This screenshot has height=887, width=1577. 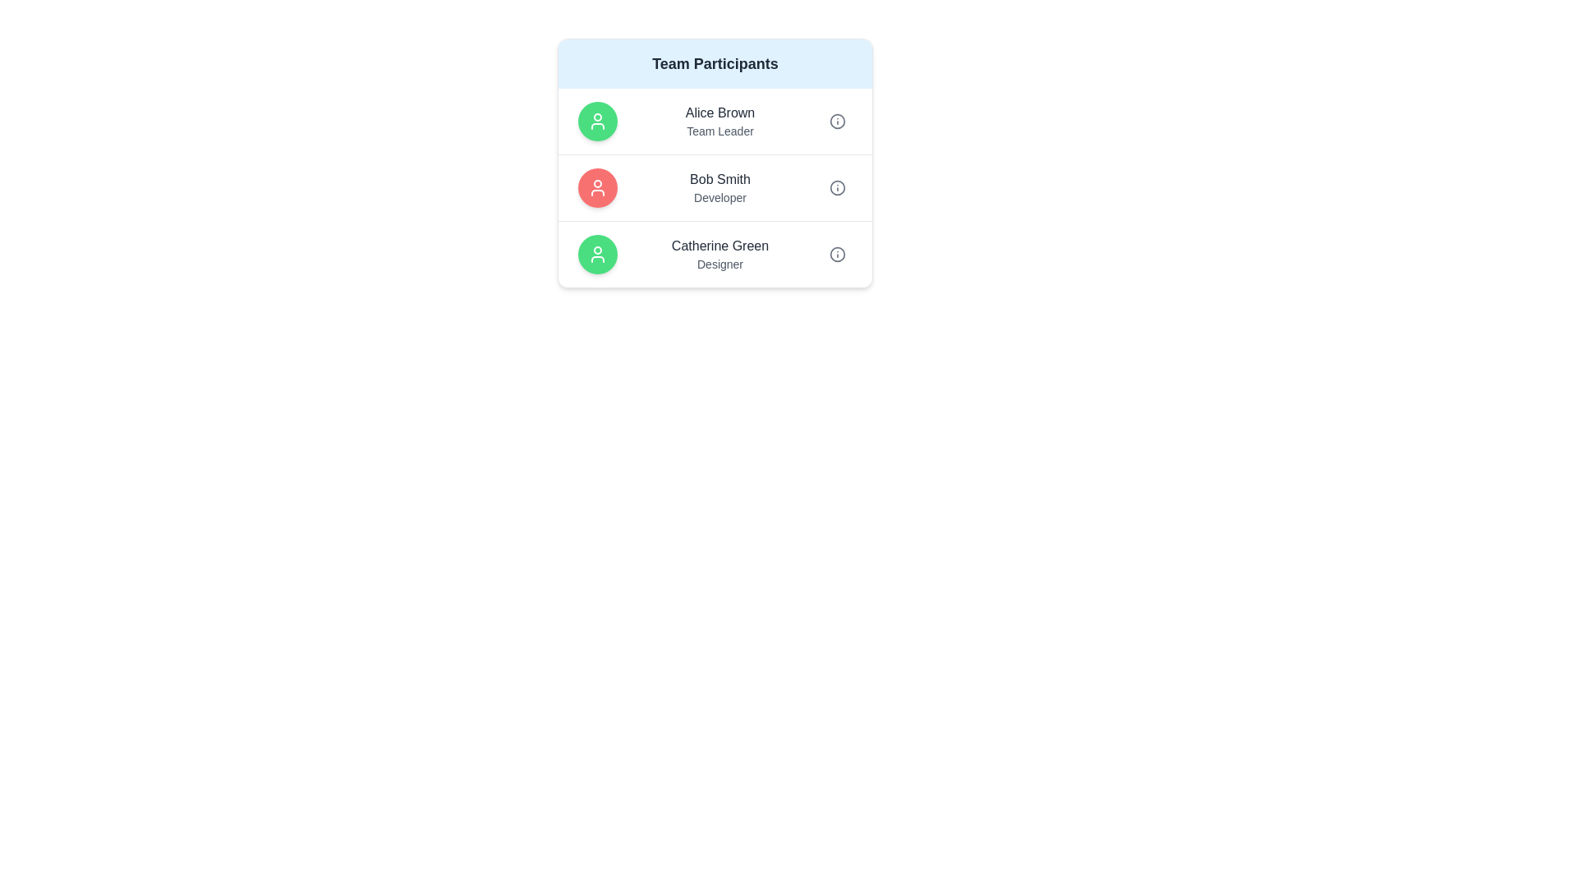 What do you see at coordinates (837, 120) in the screenshot?
I see `the interactive icon located to the right of the first participant's name and title in the vertically stacked list` at bounding box center [837, 120].